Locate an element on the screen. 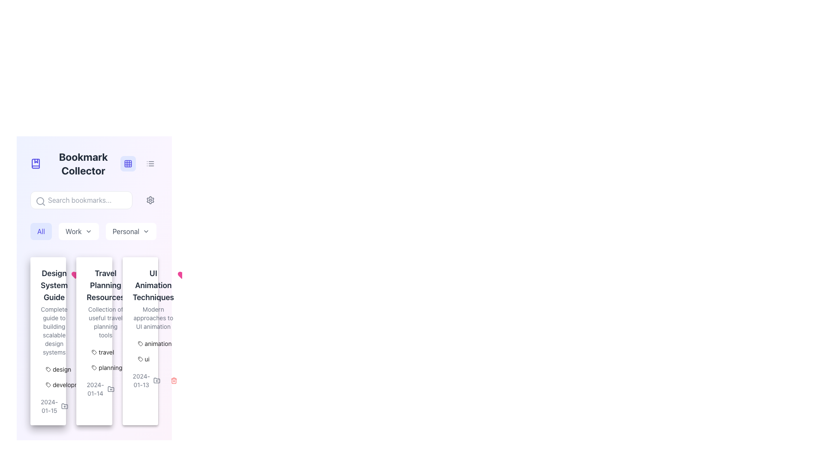  the list view icon button located in the top-right corner of the interface to switch to list view is located at coordinates (150, 163).